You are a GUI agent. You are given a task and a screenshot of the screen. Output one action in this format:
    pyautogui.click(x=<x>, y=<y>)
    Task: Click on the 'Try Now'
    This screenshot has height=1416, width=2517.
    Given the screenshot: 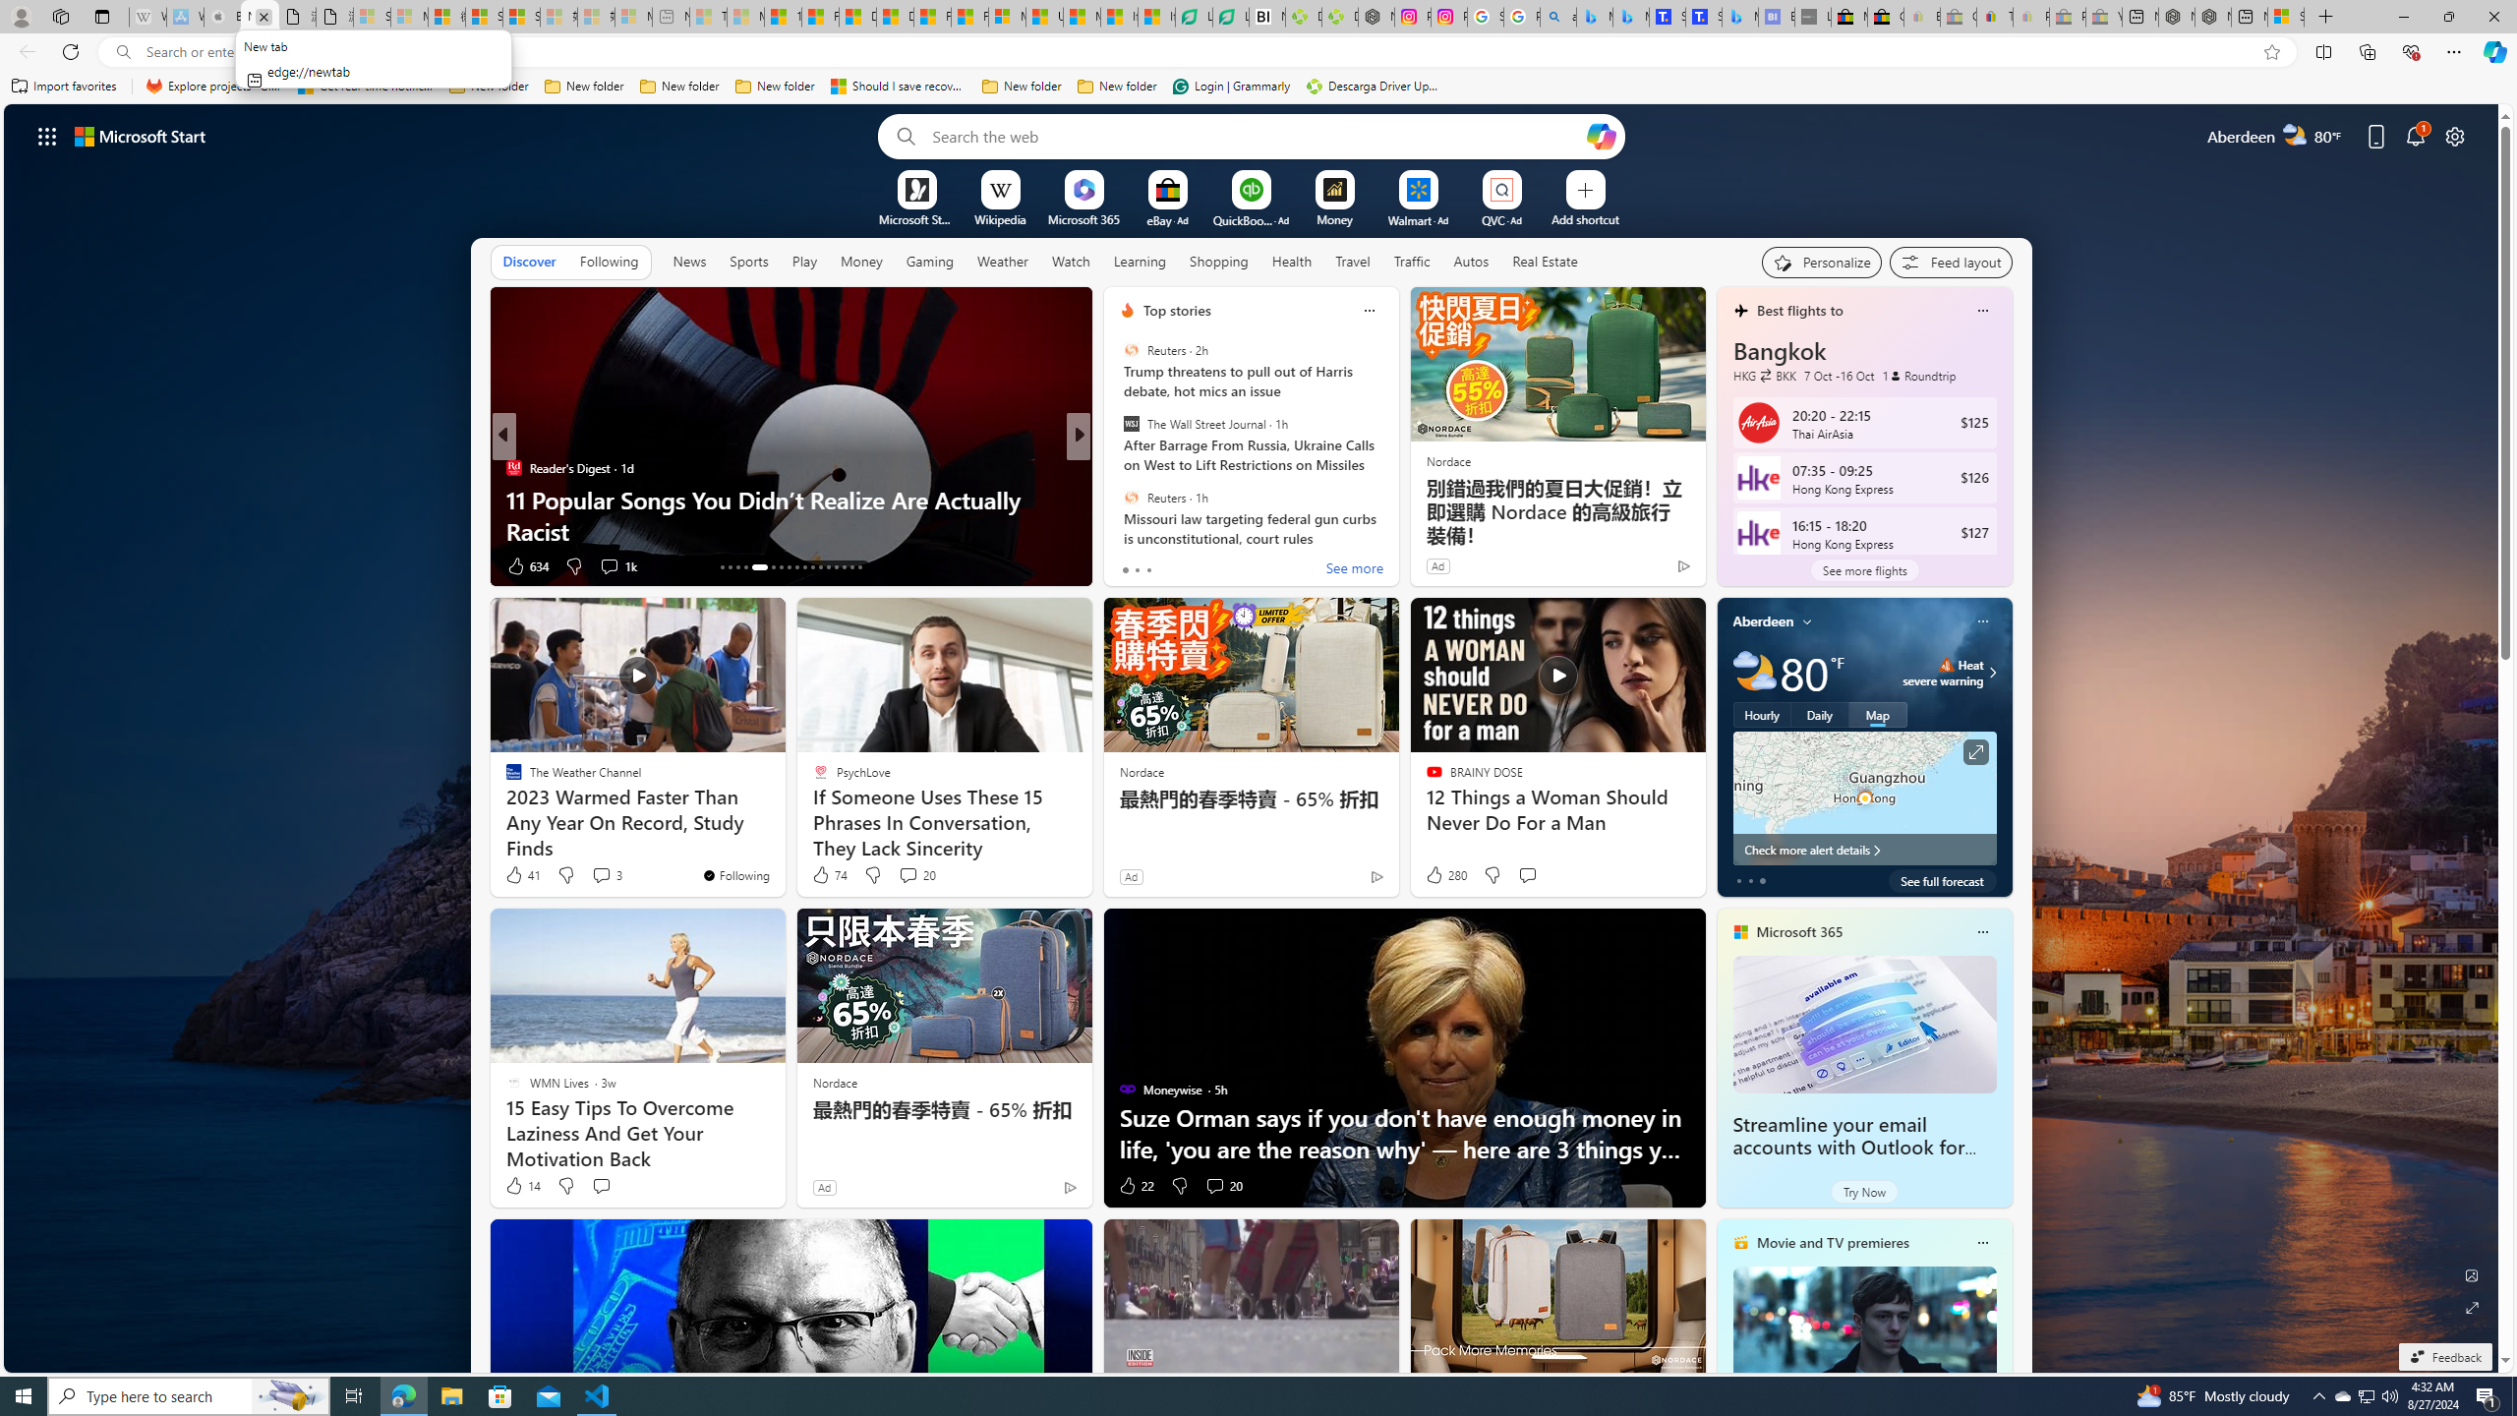 What is the action you would take?
    pyautogui.click(x=1863, y=1190)
    